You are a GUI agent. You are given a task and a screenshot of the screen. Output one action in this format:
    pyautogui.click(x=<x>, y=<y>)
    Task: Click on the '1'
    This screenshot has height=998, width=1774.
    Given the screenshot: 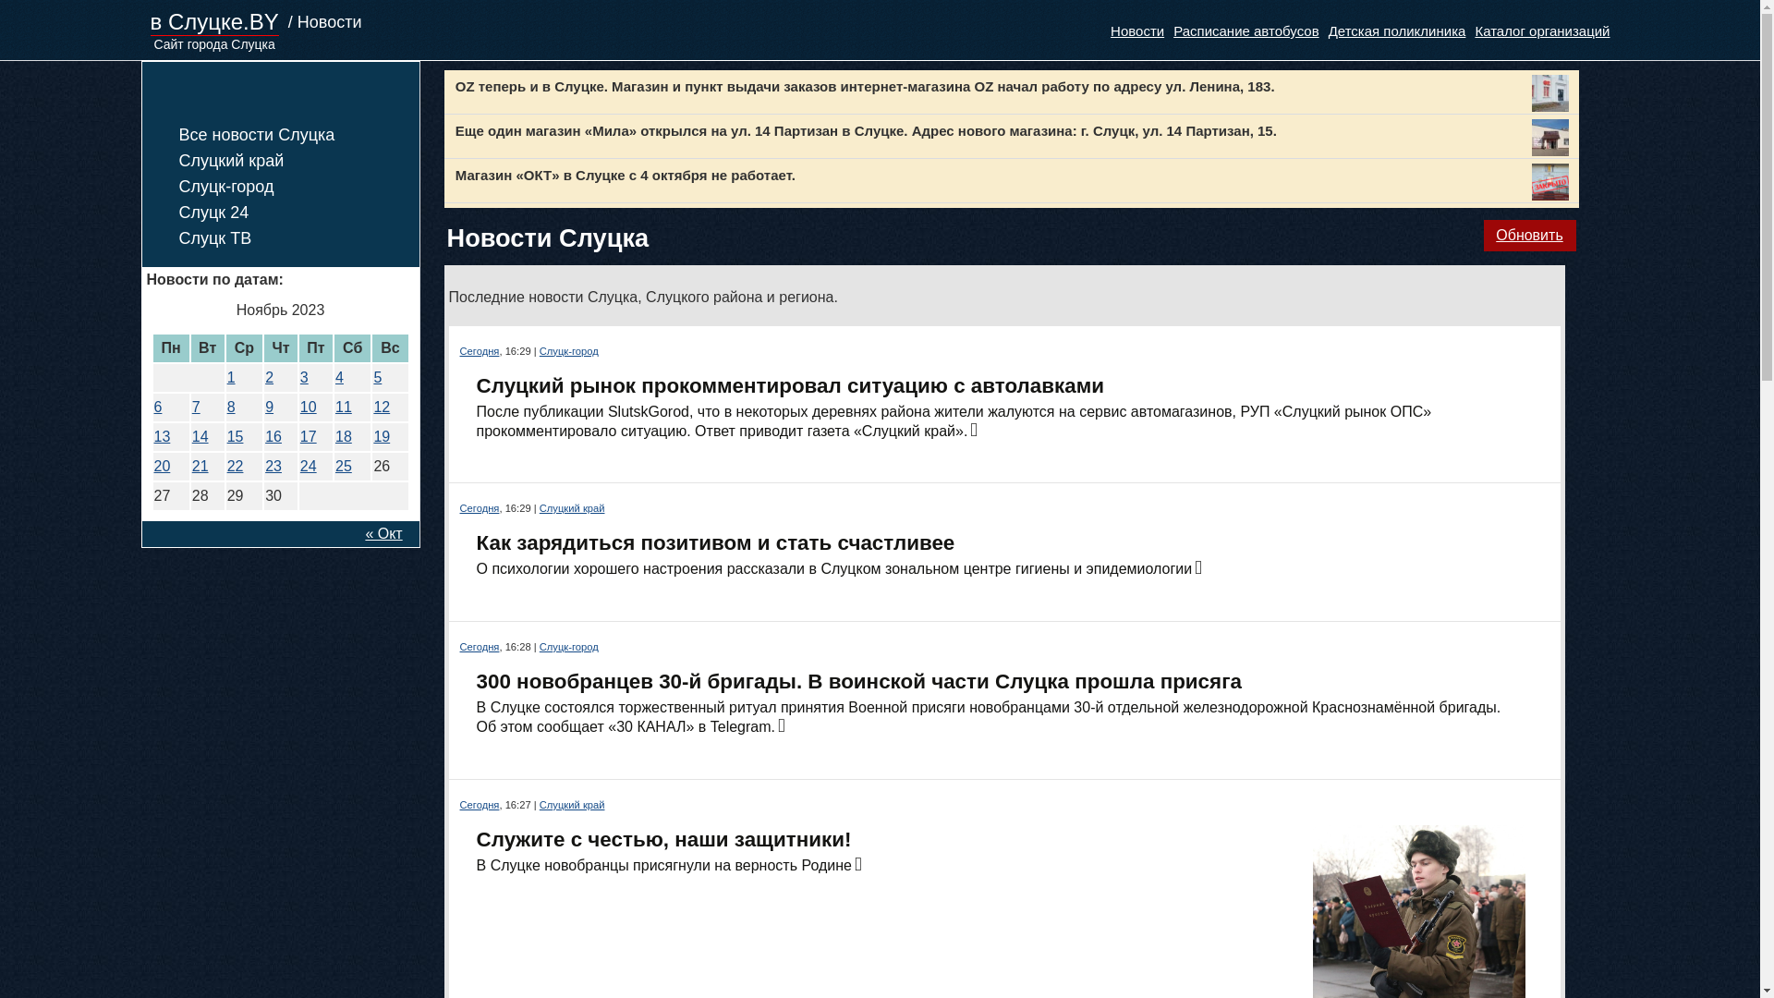 What is the action you would take?
    pyautogui.click(x=230, y=376)
    